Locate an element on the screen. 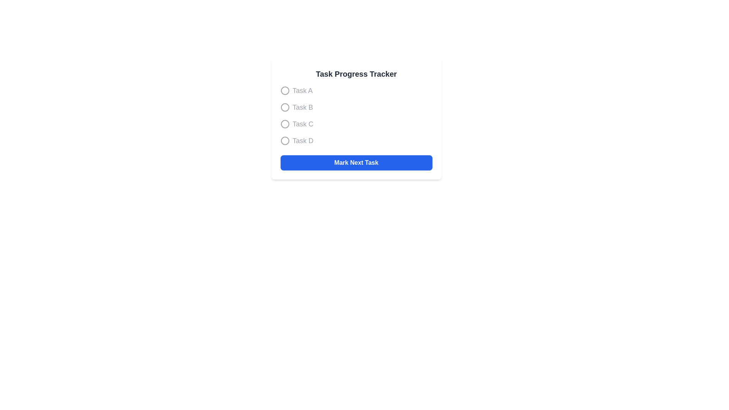 The image size is (729, 410). the text label displaying 'Task Progress Tracker', which is a line of bold text styled in dark gray color at the top of a white card is located at coordinates (356, 74).